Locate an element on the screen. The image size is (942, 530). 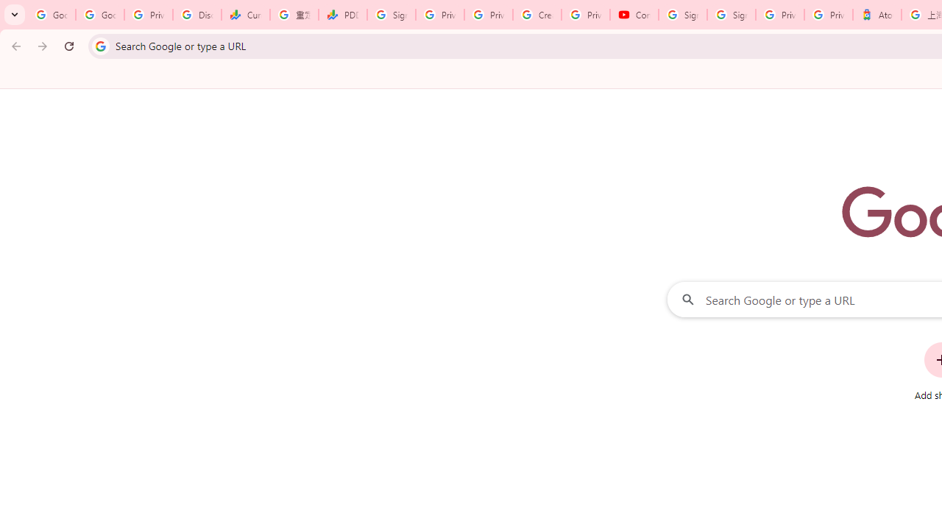
'Create your Google Account' is located at coordinates (536, 15).